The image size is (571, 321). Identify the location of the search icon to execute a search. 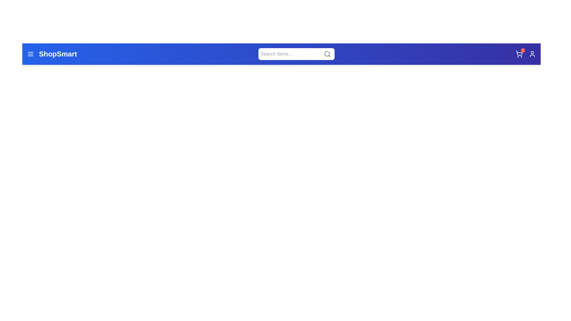
(327, 54).